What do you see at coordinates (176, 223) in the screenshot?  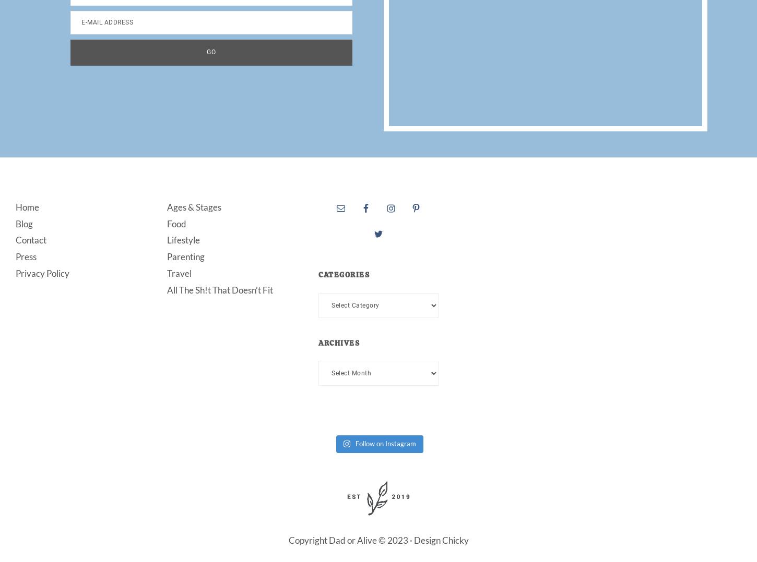 I see `'Food'` at bounding box center [176, 223].